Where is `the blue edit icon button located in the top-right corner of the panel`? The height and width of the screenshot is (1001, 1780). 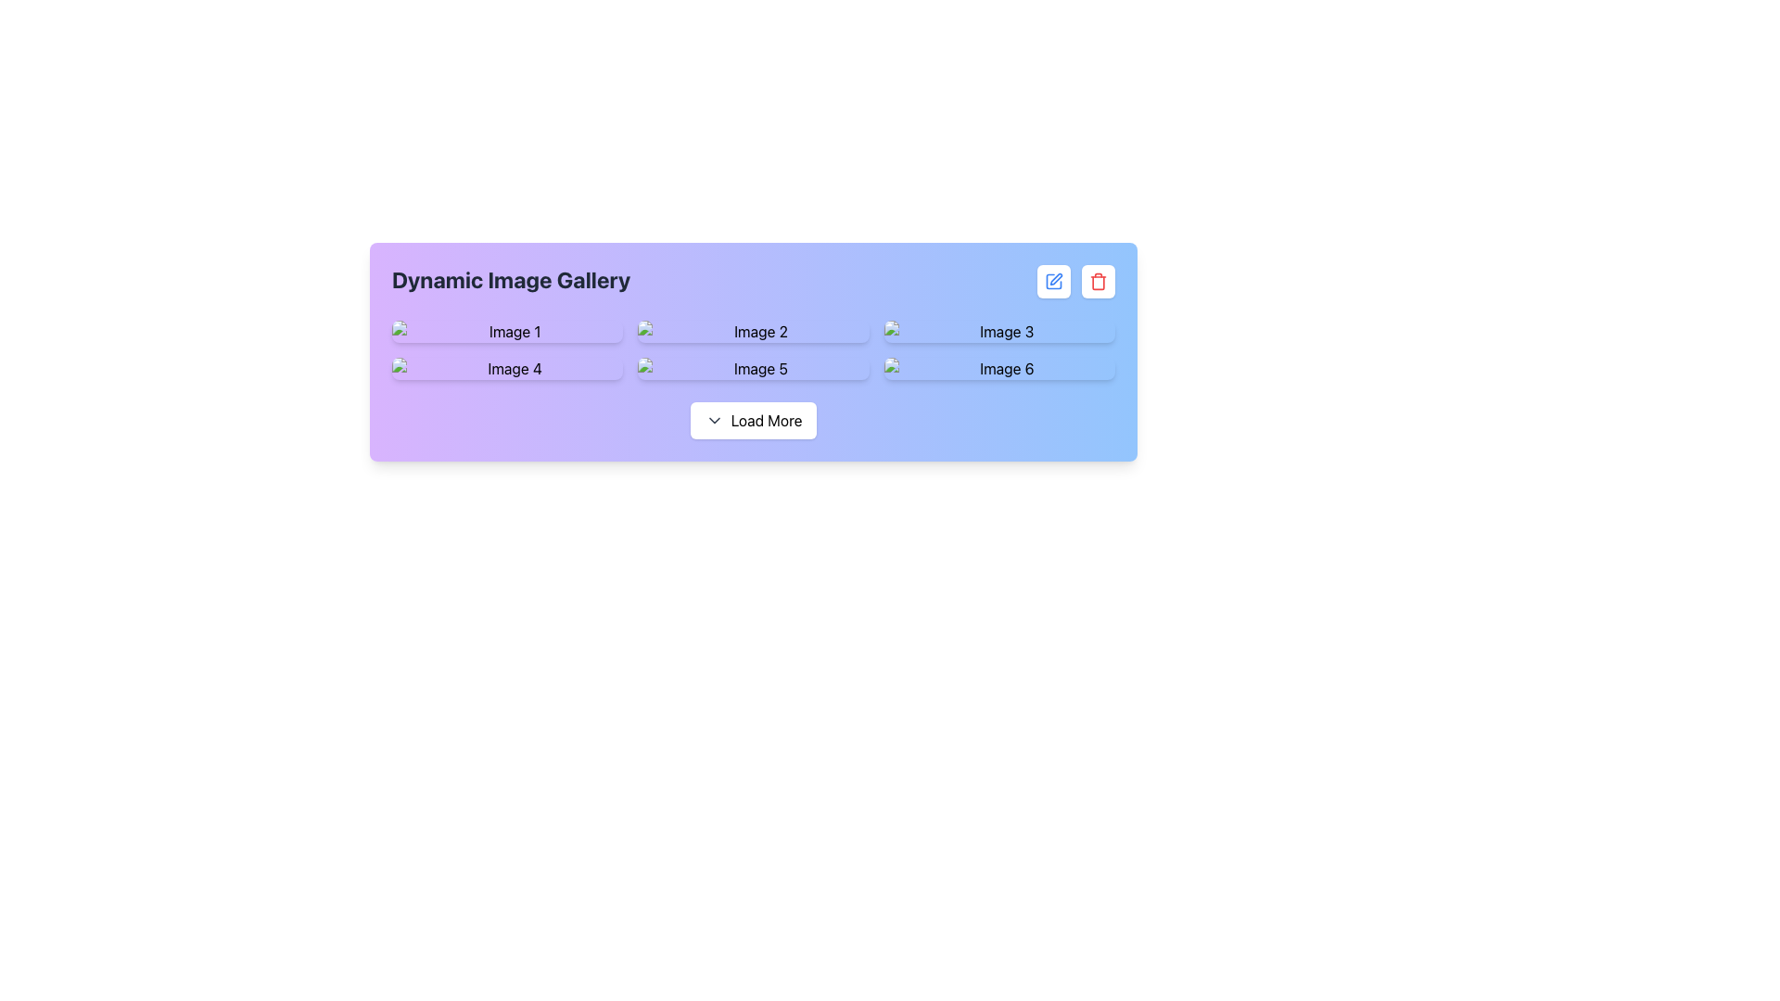
the blue edit icon button located in the top-right corner of the panel is located at coordinates (1054, 282).